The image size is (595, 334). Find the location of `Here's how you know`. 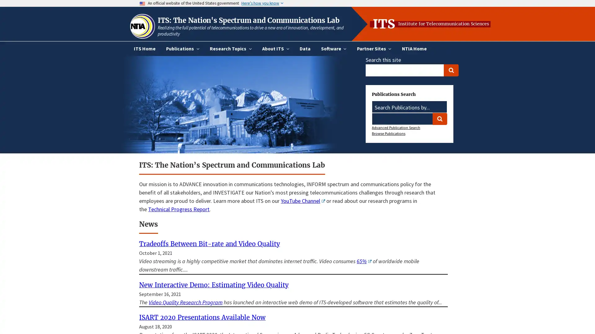

Here's how you know is located at coordinates (262, 3).